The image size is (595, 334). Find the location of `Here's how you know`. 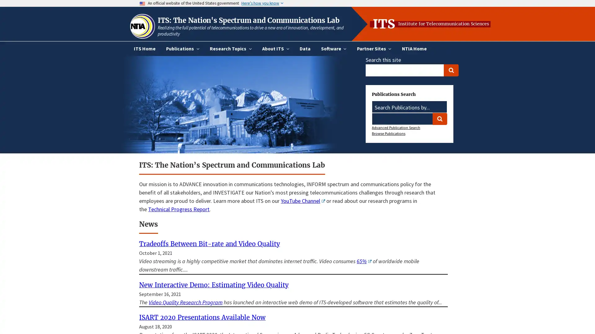

Here's how you know is located at coordinates (262, 3).